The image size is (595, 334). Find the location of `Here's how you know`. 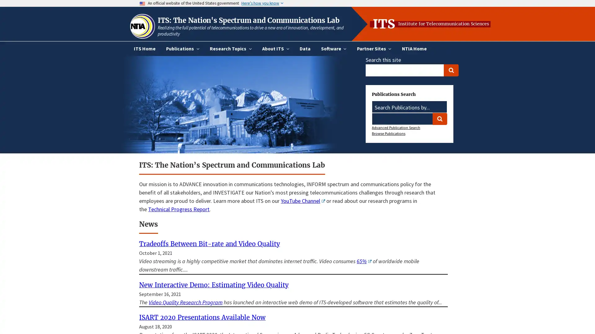

Here's how you know is located at coordinates (262, 3).